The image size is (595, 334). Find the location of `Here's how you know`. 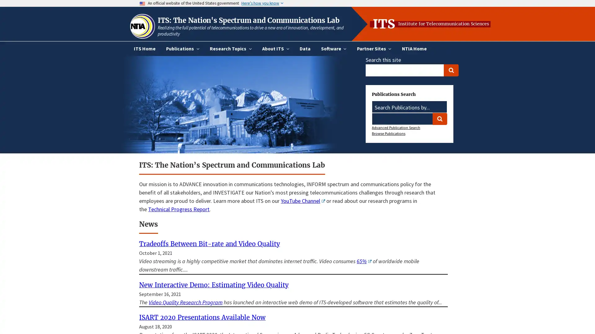

Here's how you know is located at coordinates (262, 3).